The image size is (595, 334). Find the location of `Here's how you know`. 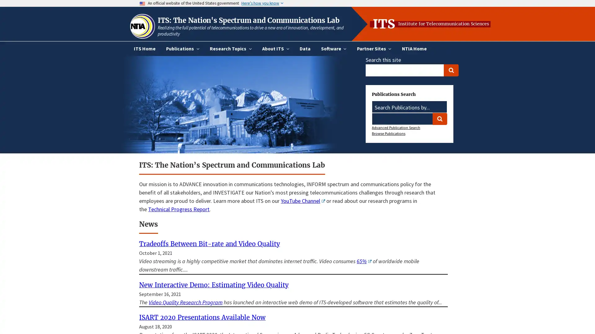

Here's how you know is located at coordinates (262, 3).